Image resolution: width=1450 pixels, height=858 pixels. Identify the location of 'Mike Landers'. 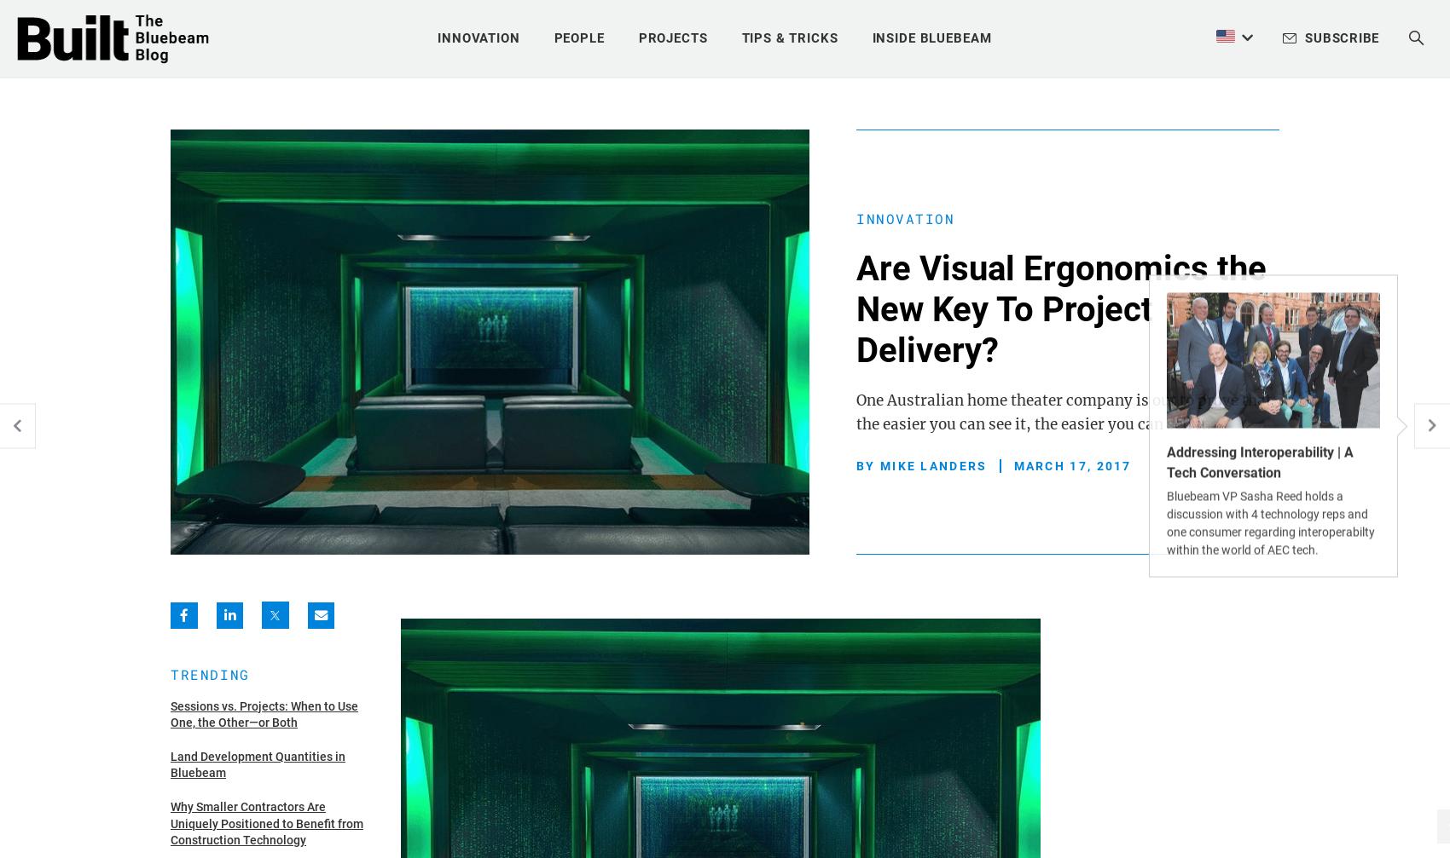
(932, 464).